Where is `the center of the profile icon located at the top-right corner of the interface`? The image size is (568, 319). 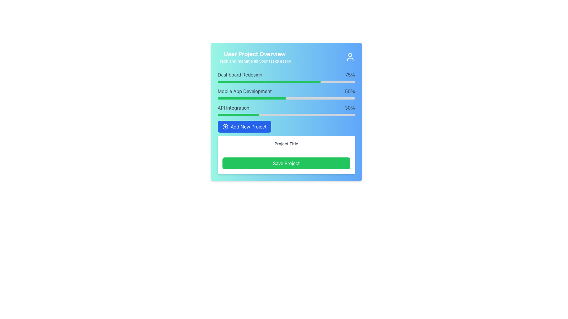
the center of the profile icon located at the top-right corner of the interface is located at coordinates (350, 57).